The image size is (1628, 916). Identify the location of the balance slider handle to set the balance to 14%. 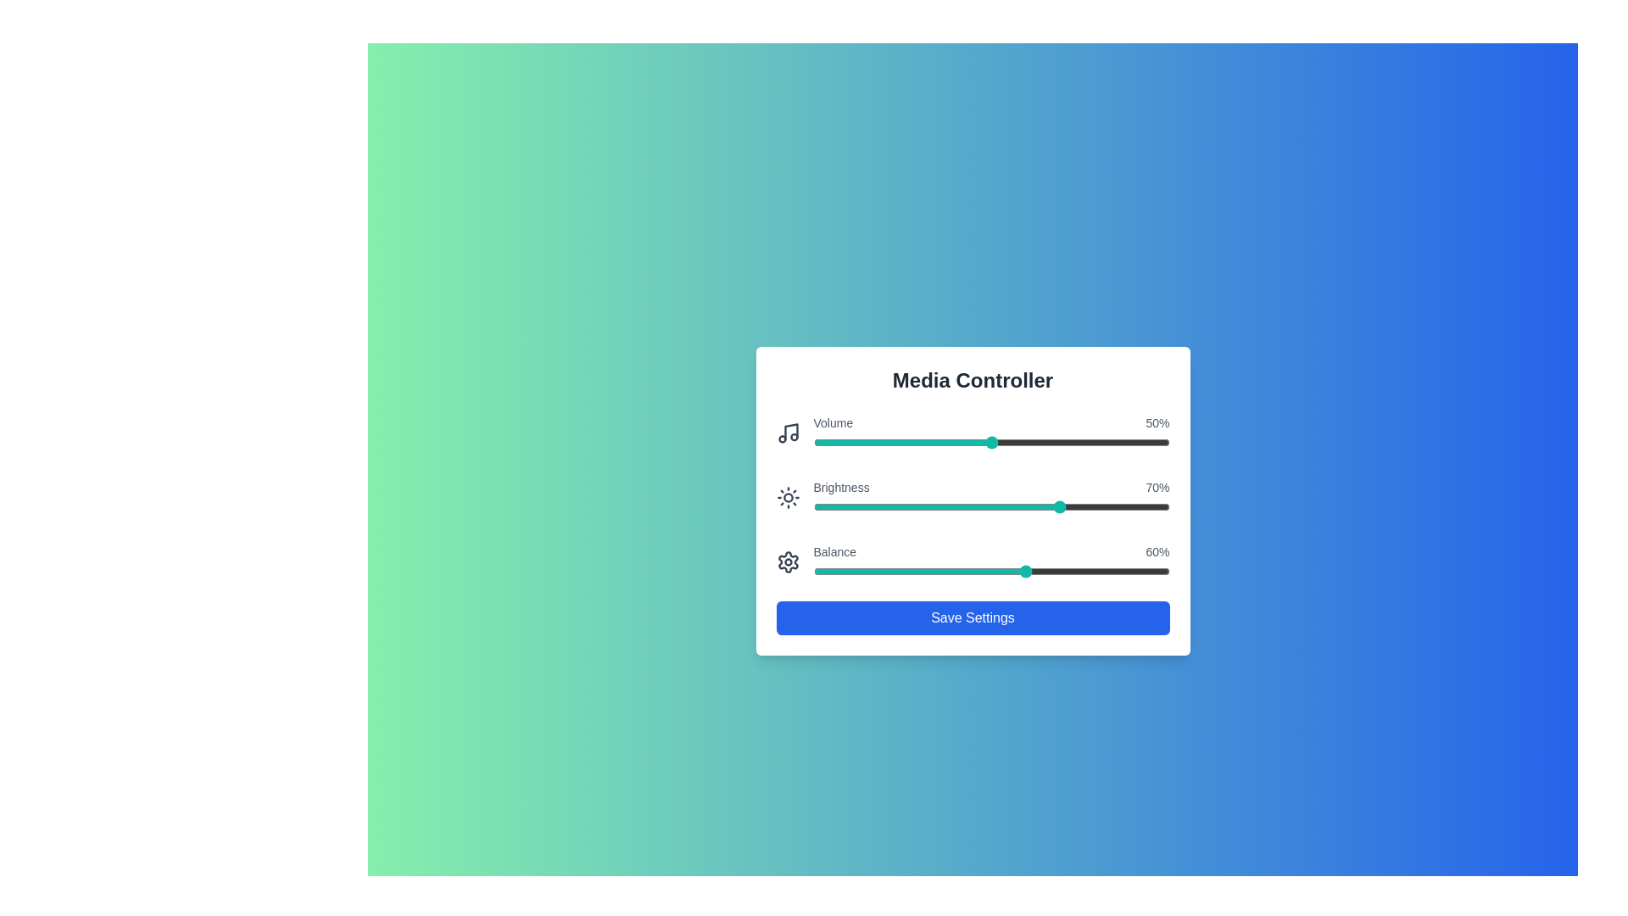
(863, 572).